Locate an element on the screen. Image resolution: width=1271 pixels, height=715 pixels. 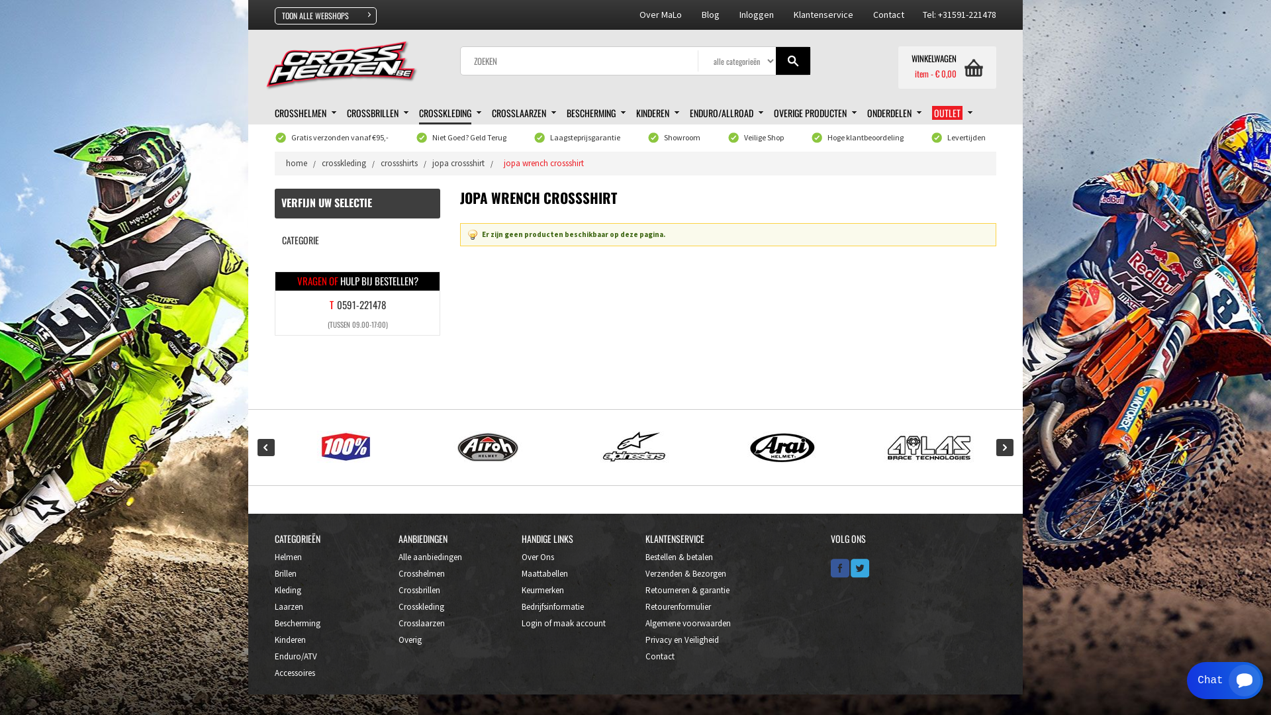
'Kleding' is located at coordinates (273, 589).